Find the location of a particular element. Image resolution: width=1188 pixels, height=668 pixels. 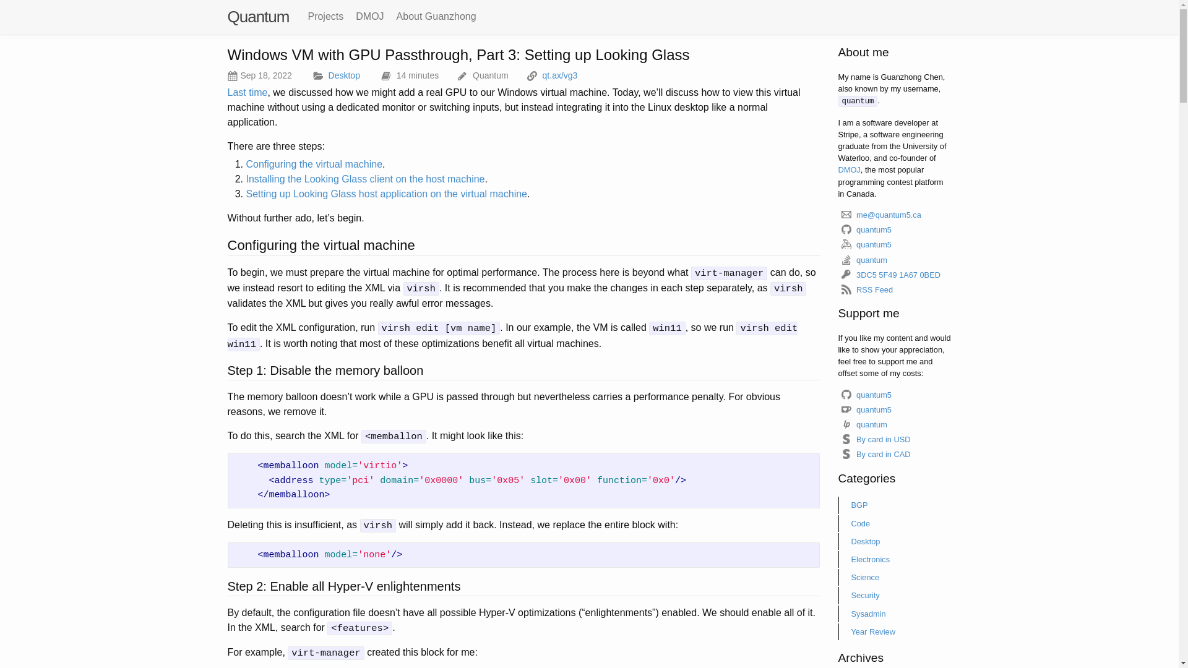

'About Guanzhong' is located at coordinates (436, 16).